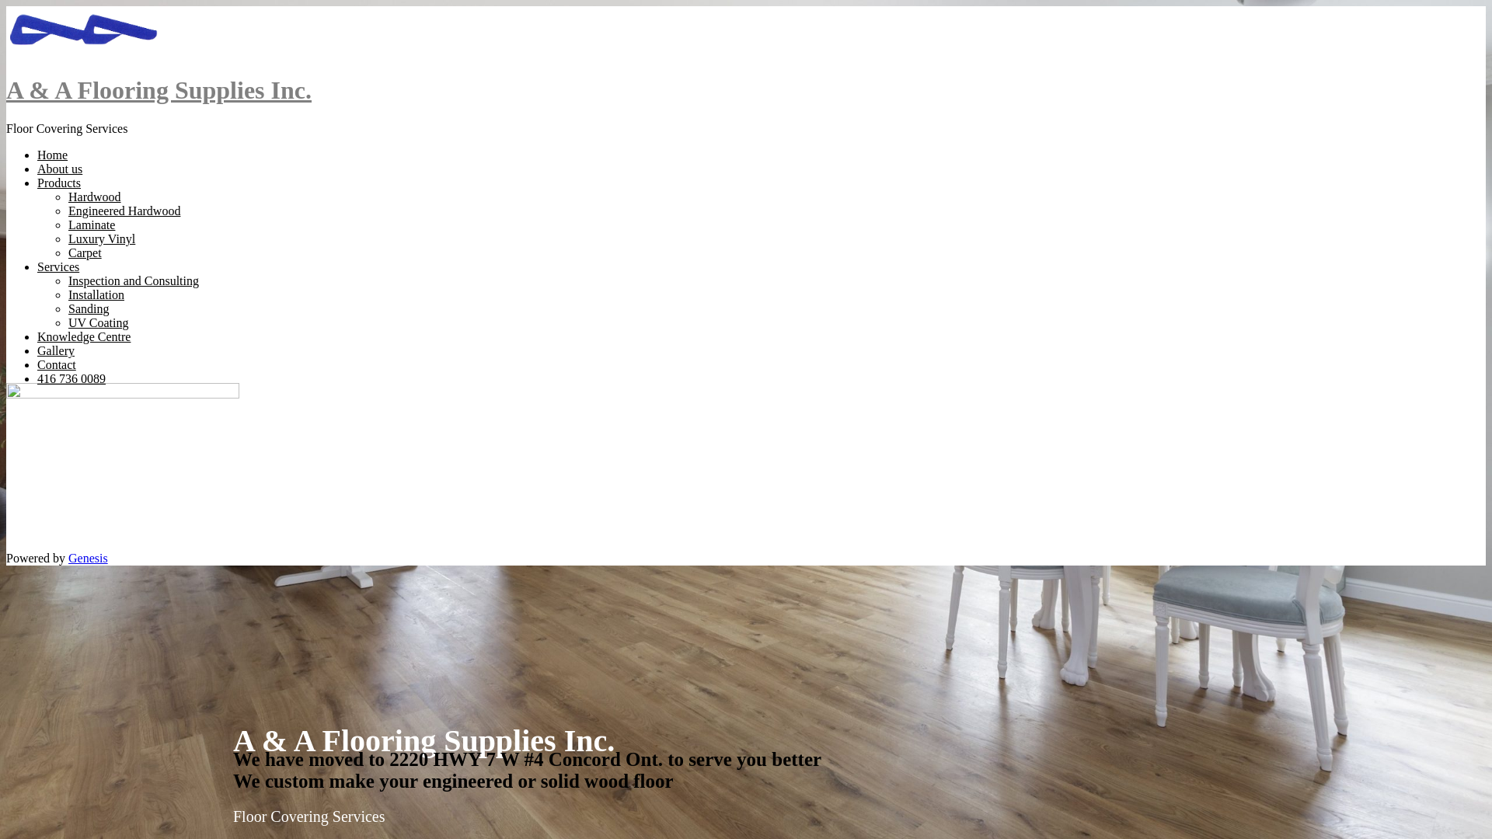 The width and height of the screenshot is (1492, 839). Describe the element at coordinates (59, 169) in the screenshot. I see `'About us'` at that location.